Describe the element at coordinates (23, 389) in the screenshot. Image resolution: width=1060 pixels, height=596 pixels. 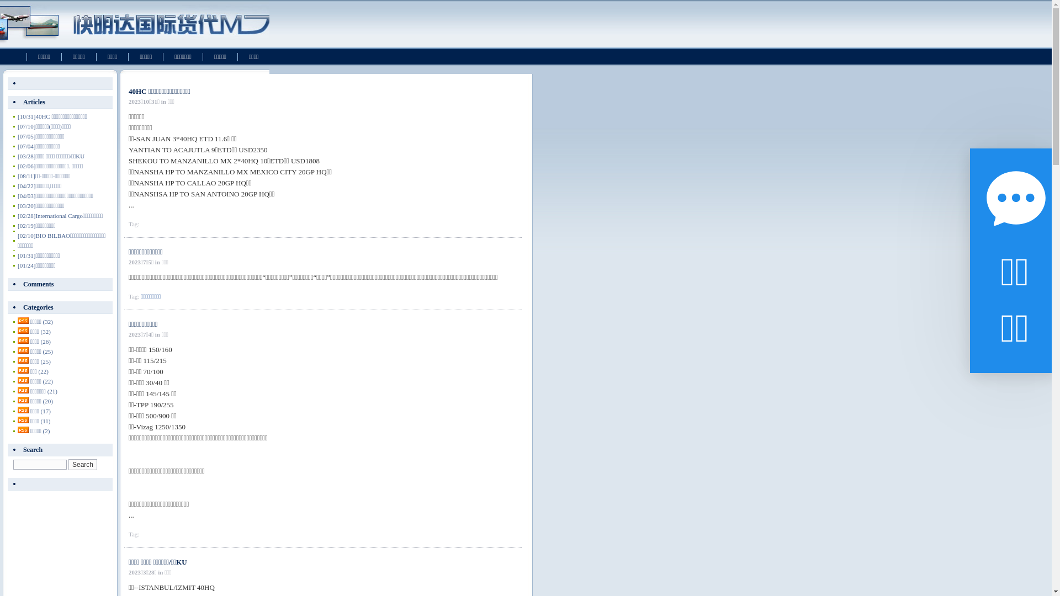
I see `'rss'` at that location.